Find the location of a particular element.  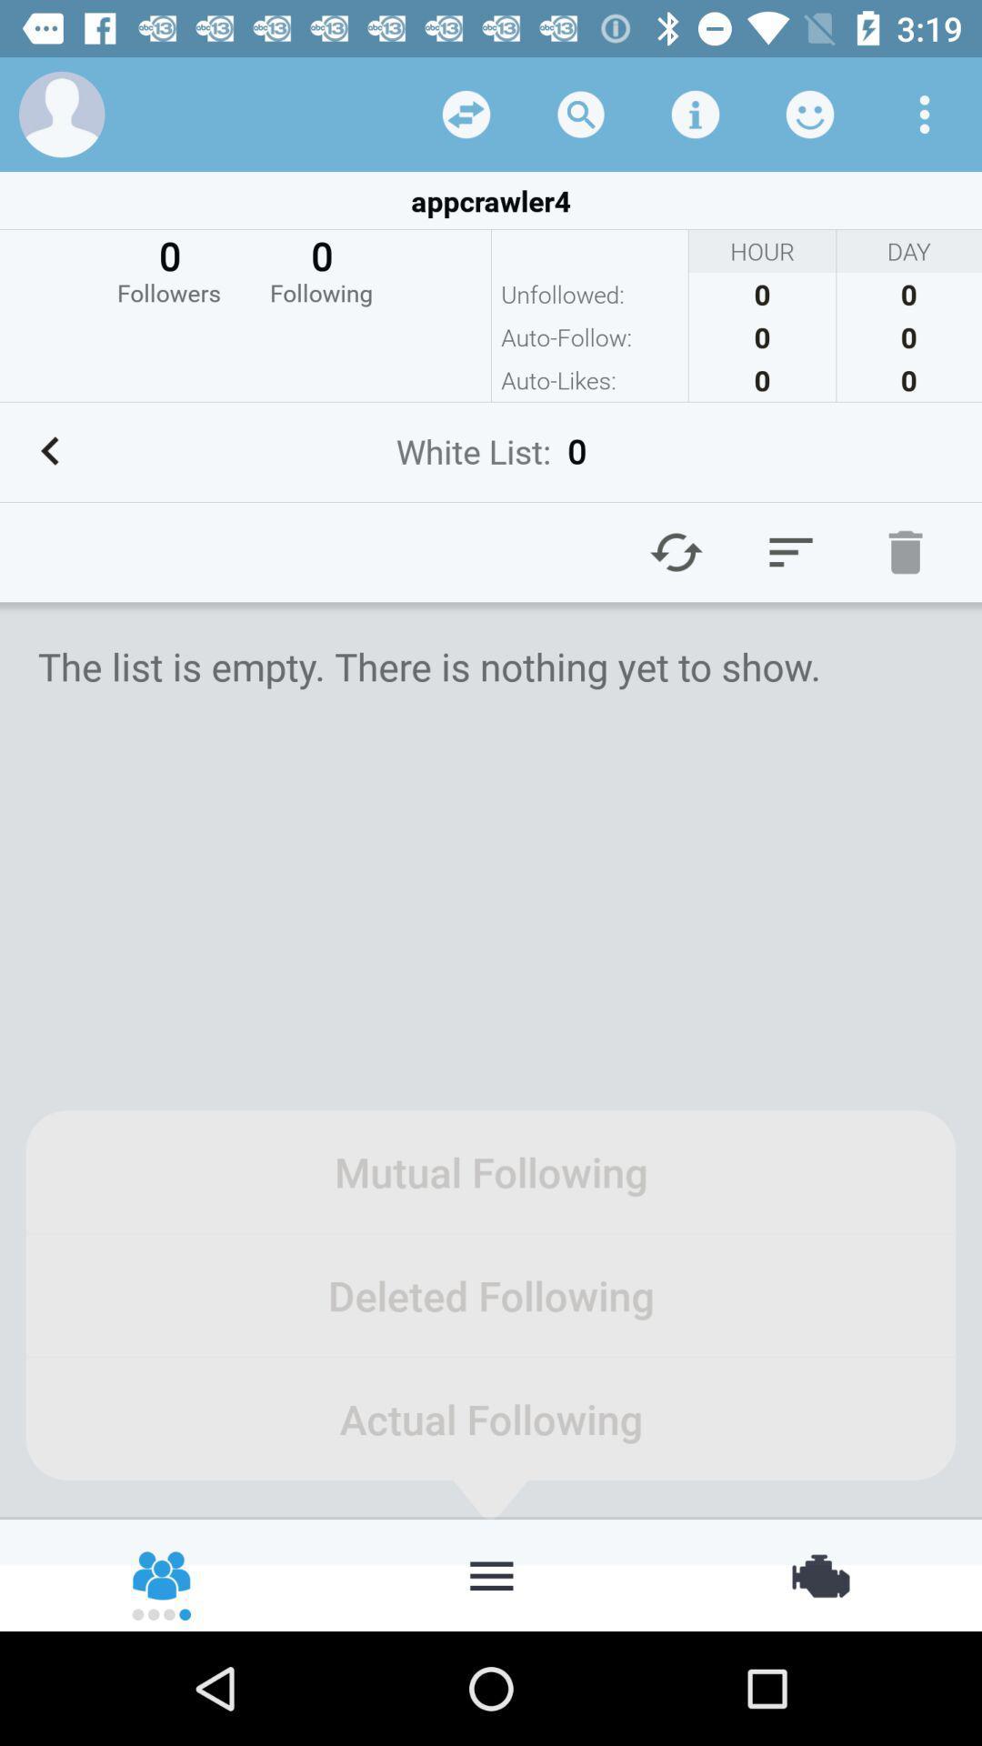

dada is located at coordinates (466, 113).